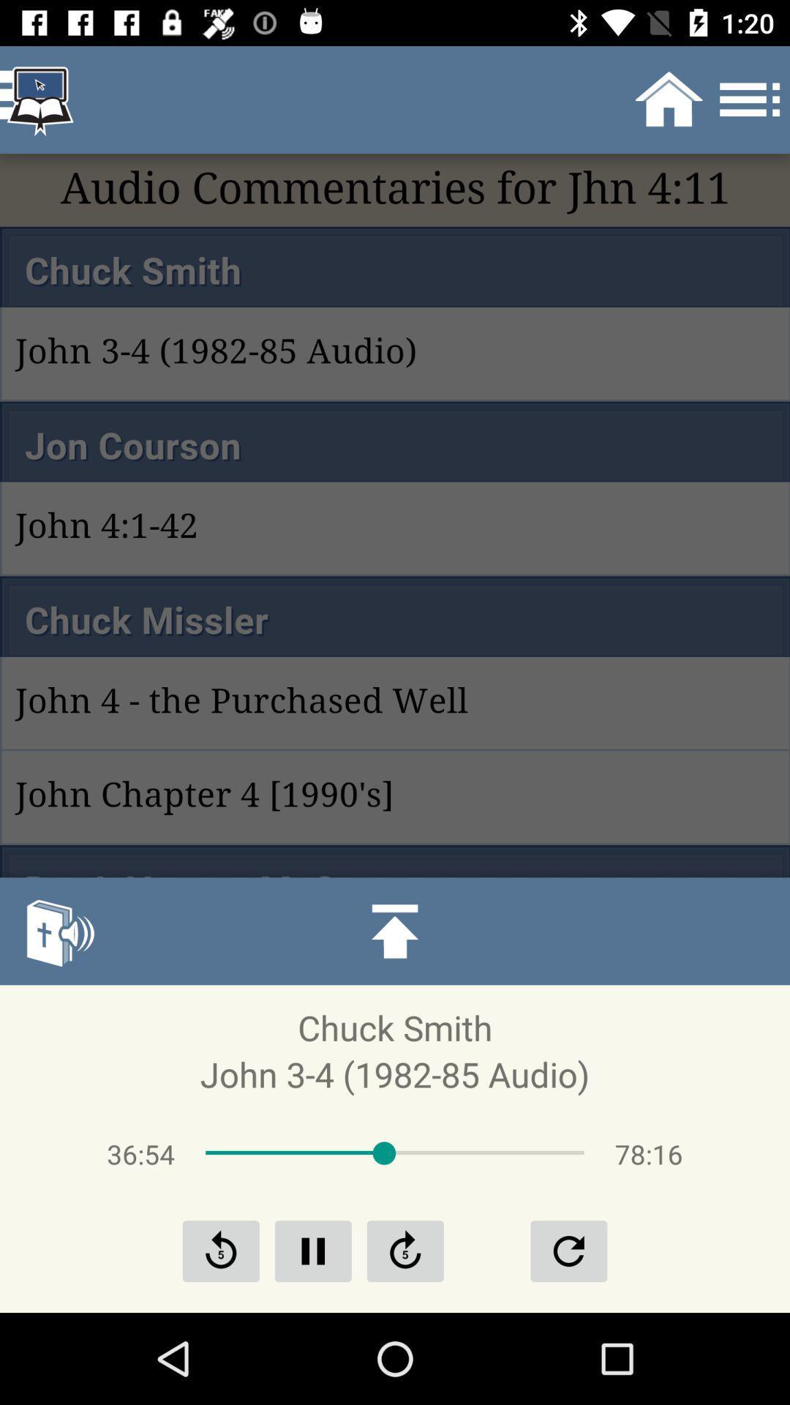 Image resolution: width=790 pixels, height=1405 pixels. What do you see at coordinates (405, 1250) in the screenshot?
I see `skip forward 5 seconds` at bounding box center [405, 1250].